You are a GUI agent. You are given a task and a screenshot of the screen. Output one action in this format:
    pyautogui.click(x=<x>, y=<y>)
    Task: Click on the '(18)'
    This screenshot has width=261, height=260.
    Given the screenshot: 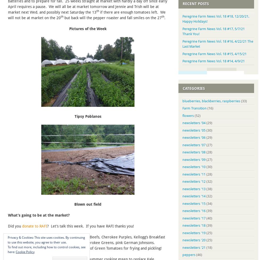 What is the action you would take?
    pyautogui.click(x=206, y=247)
    